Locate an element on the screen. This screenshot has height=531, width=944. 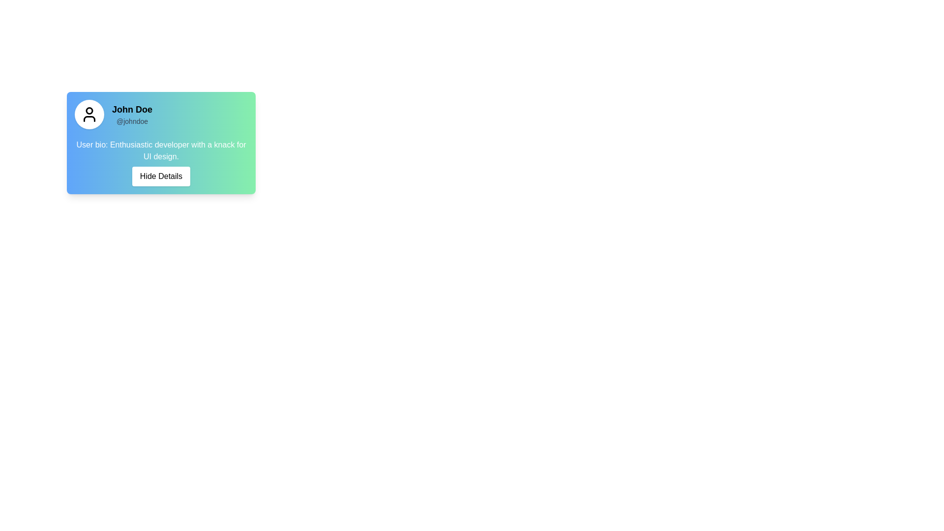
the circular SVG element with a black outline, located centrally within the user's profile card avatar is located at coordinates (89, 111).